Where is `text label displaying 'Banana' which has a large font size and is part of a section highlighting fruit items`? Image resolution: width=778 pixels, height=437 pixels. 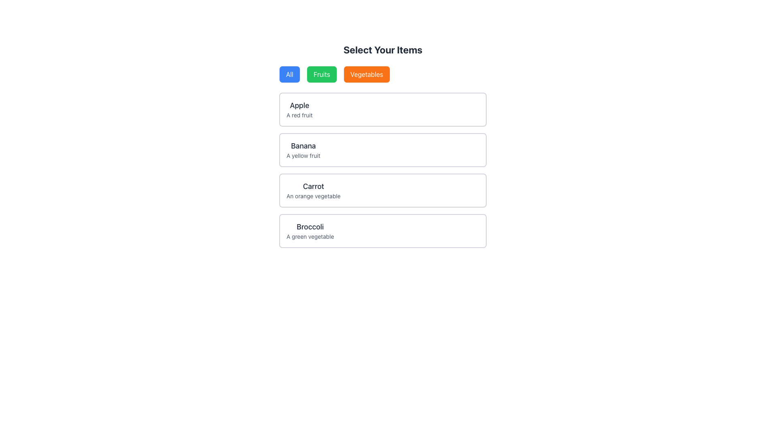 text label displaying 'Banana' which has a large font size and is part of a section highlighting fruit items is located at coordinates (303, 146).